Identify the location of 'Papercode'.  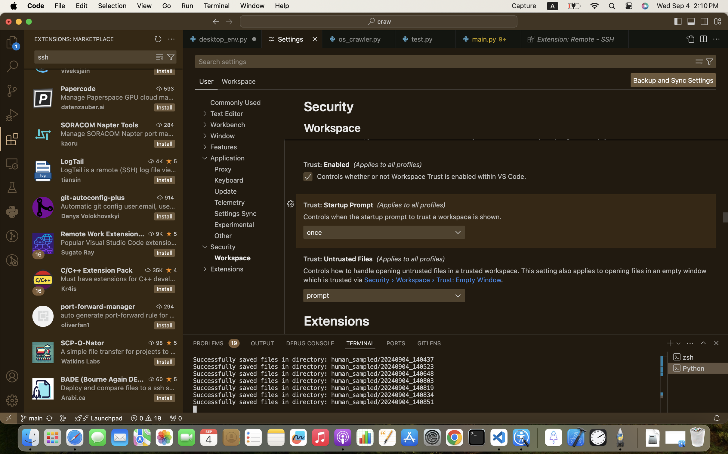
(78, 88).